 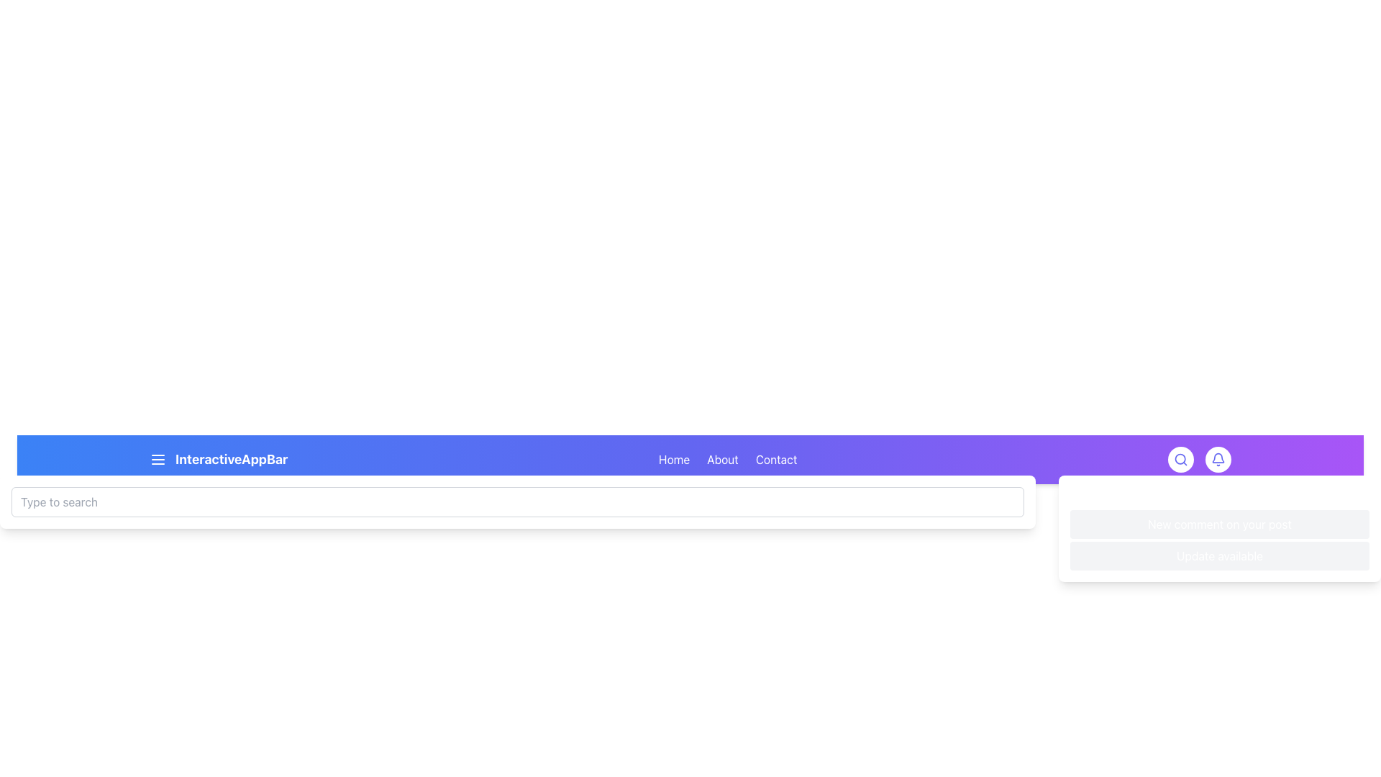 What do you see at coordinates (158, 460) in the screenshot?
I see `the menu toggle icon located in the blue header bar` at bounding box center [158, 460].